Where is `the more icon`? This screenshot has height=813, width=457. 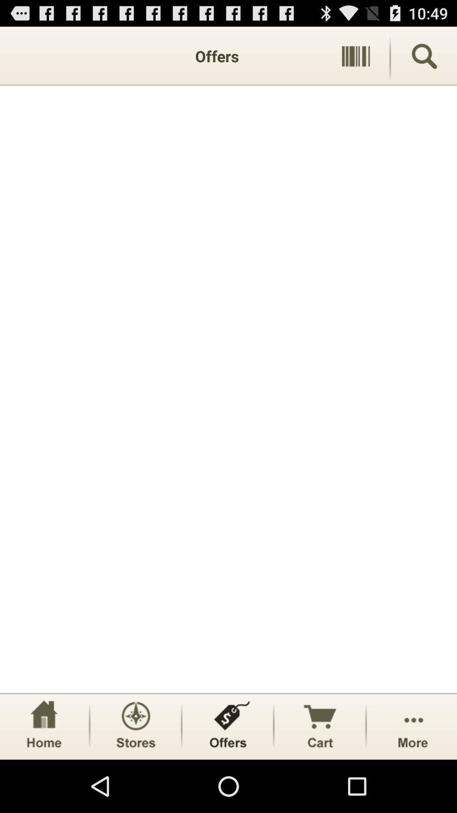
the more icon is located at coordinates (412, 777).